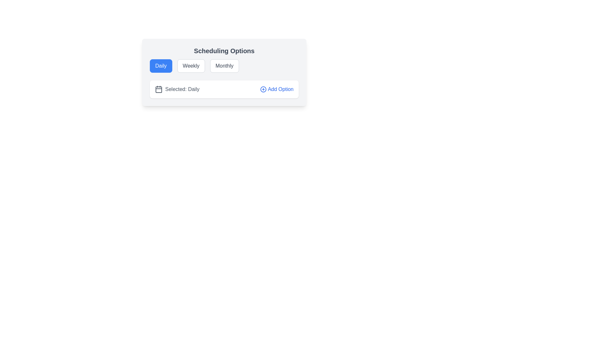 Image resolution: width=616 pixels, height=346 pixels. I want to click on the 'Add Option' button, which is a blue text label with a circular plus icon, located to the right of 'Selected: Daily', so click(277, 89).